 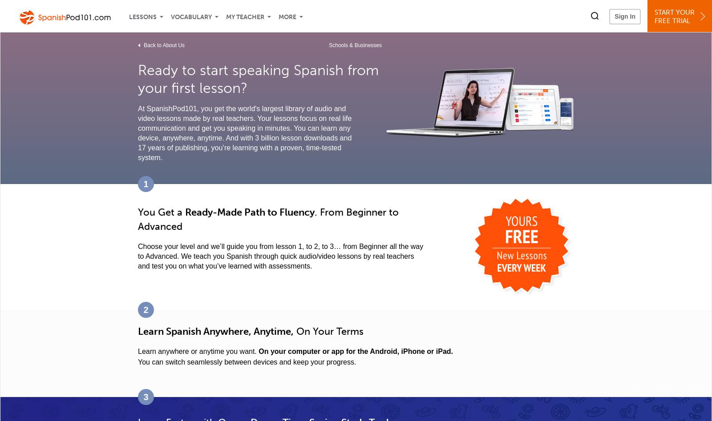 What do you see at coordinates (356, 351) in the screenshot?
I see `'On your computer or app for the Android, iPhone or iPad.'` at bounding box center [356, 351].